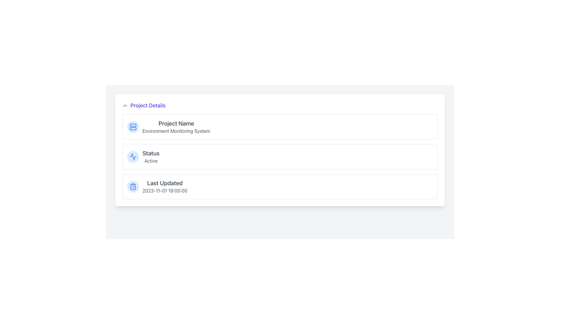  What do you see at coordinates (125, 106) in the screenshot?
I see `the Toggle Indicator Icon located to the left of the 'Project Details' text` at bounding box center [125, 106].